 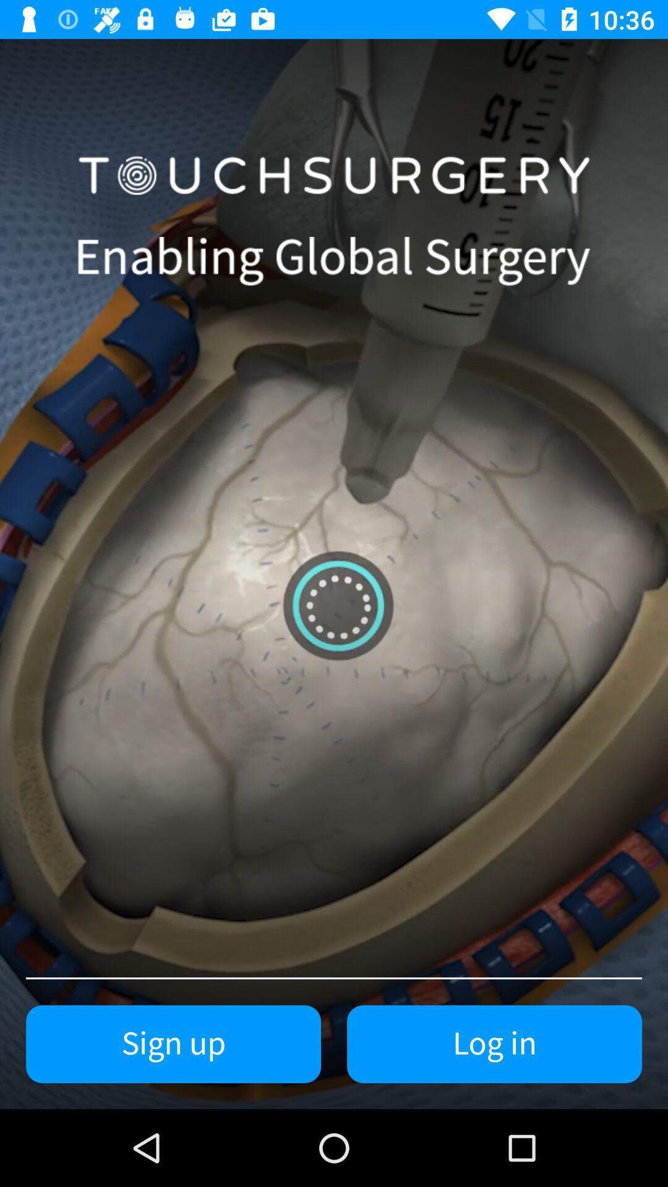 I want to click on item to the left of log in icon, so click(x=173, y=1044).